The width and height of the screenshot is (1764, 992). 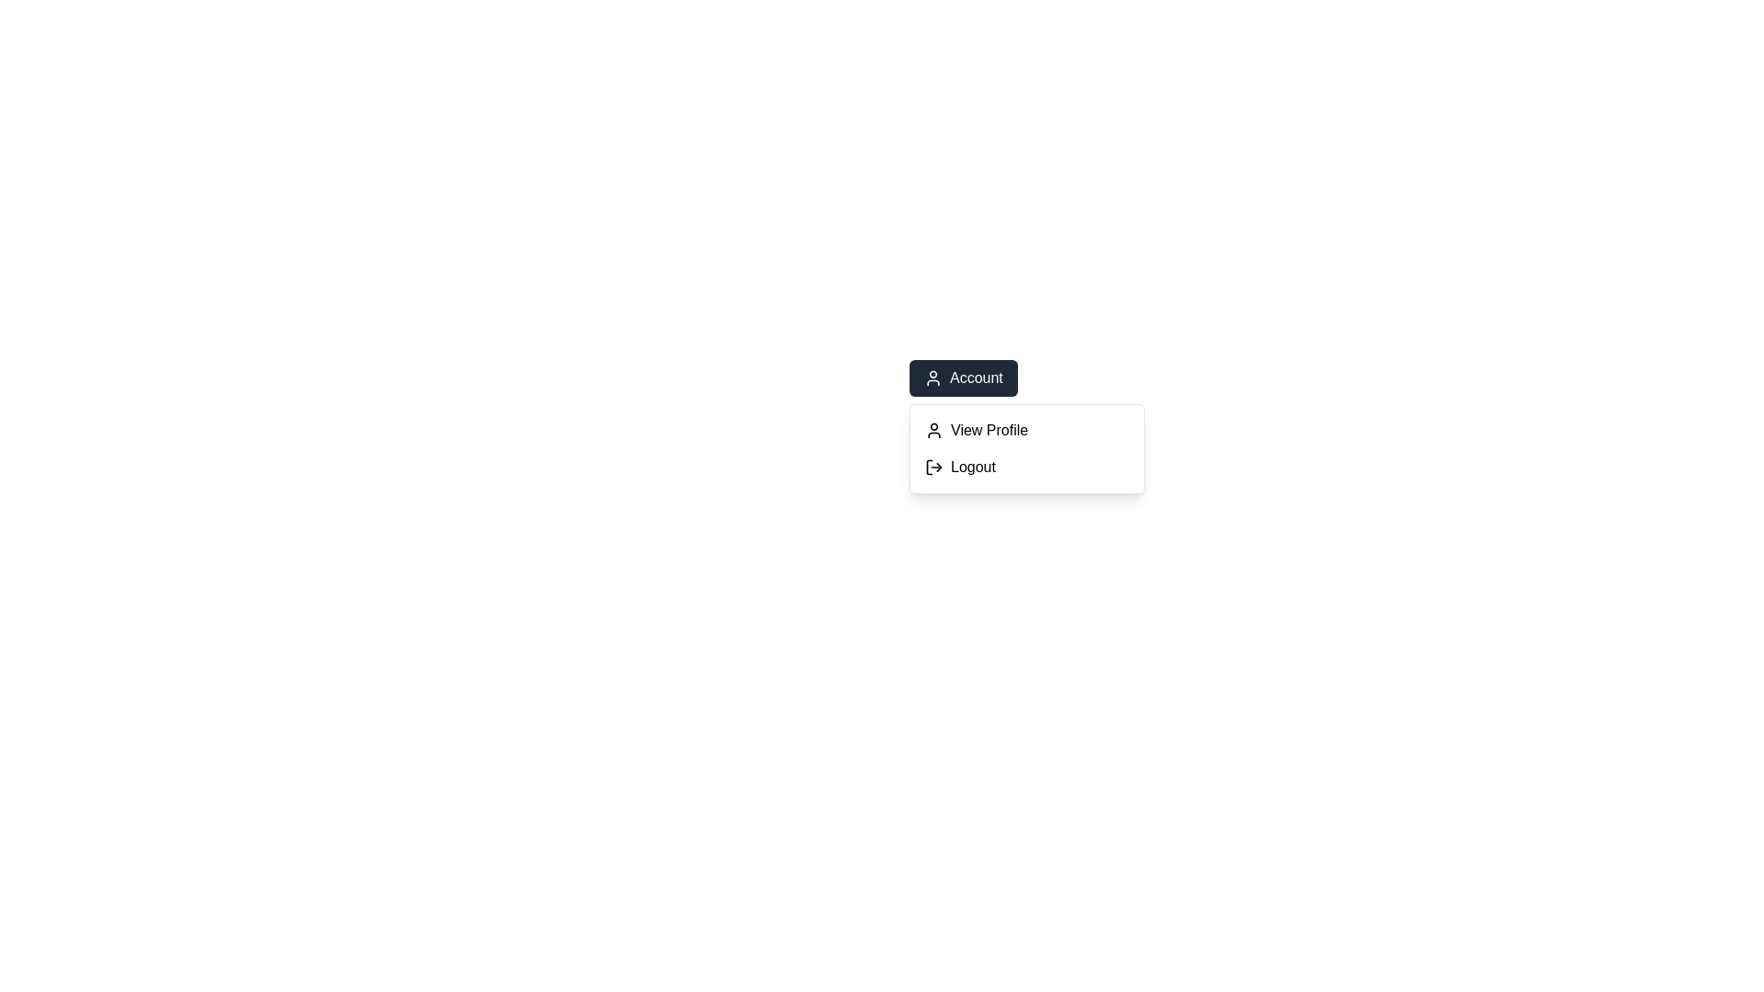 What do you see at coordinates (933, 378) in the screenshot?
I see `the User Icon (vector graphic) that signifies user-related actions, positioned to the left of the 'Account' text` at bounding box center [933, 378].